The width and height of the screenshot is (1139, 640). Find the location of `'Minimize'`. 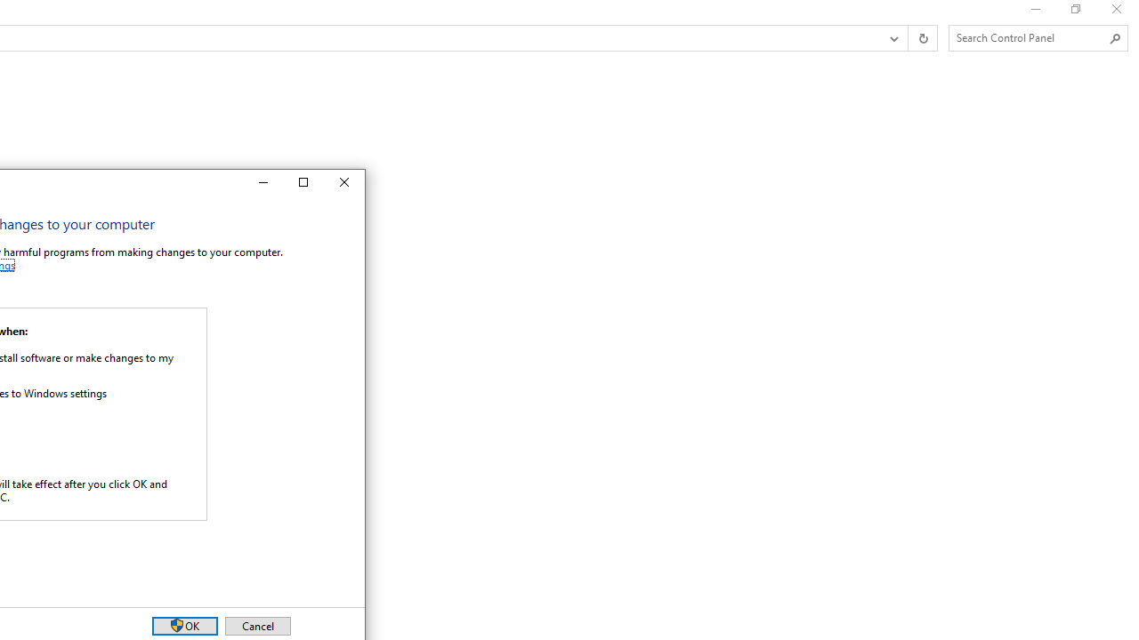

'Minimize' is located at coordinates (261, 182).